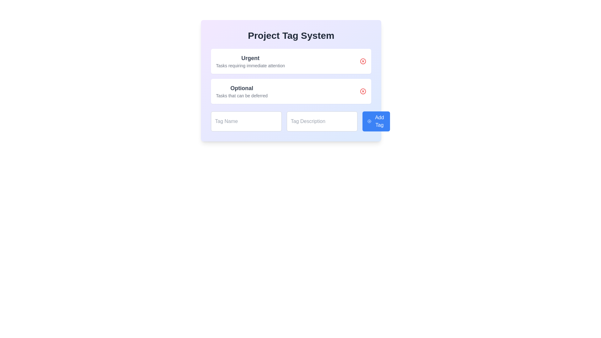 This screenshot has height=338, width=601. What do you see at coordinates (241, 95) in the screenshot?
I see `the static text label that provides additional context under the 'Optional' heading in the structured card layout` at bounding box center [241, 95].